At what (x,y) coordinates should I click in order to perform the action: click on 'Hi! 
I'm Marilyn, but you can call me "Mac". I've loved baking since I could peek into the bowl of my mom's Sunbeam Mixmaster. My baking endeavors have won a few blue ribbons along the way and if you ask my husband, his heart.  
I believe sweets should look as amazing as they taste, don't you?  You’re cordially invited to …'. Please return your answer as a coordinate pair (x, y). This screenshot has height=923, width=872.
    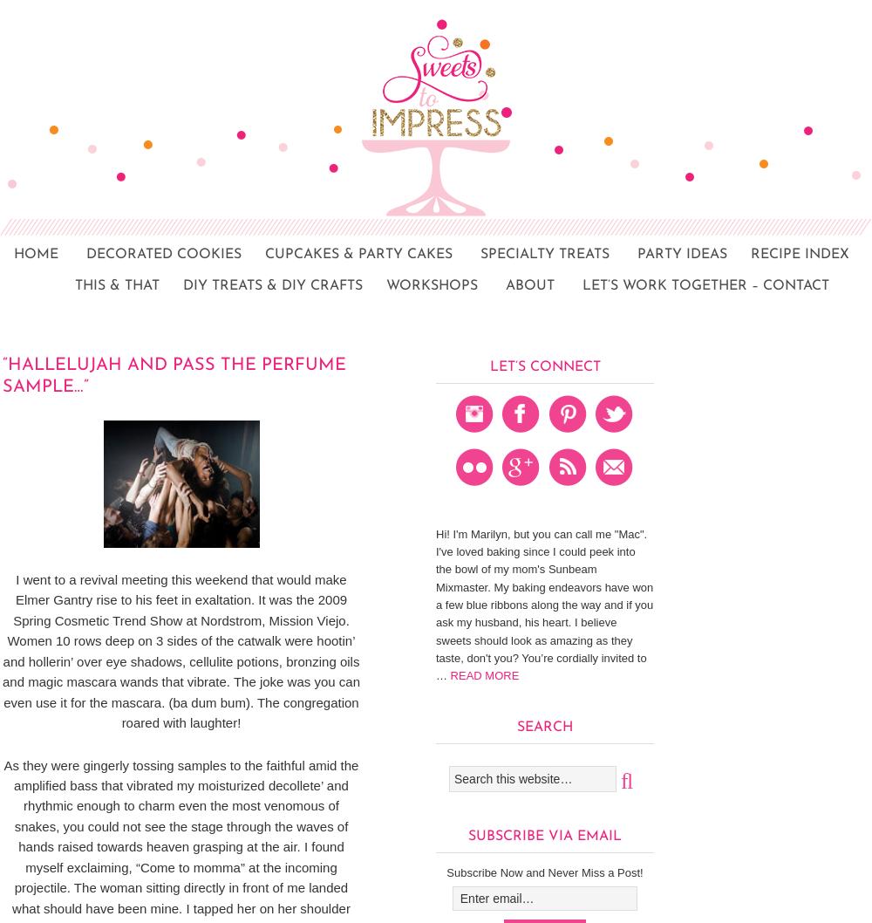
    Looking at the image, I should click on (543, 603).